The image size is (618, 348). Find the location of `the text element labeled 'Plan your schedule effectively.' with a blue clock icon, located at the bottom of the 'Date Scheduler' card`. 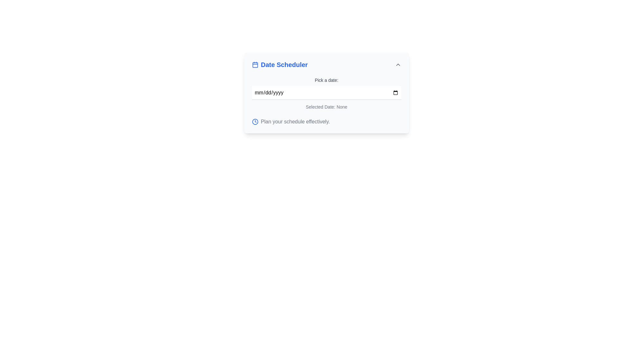

the text element labeled 'Plan your schedule effectively.' with a blue clock icon, located at the bottom of the 'Date Scheduler' card is located at coordinates (326, 122).